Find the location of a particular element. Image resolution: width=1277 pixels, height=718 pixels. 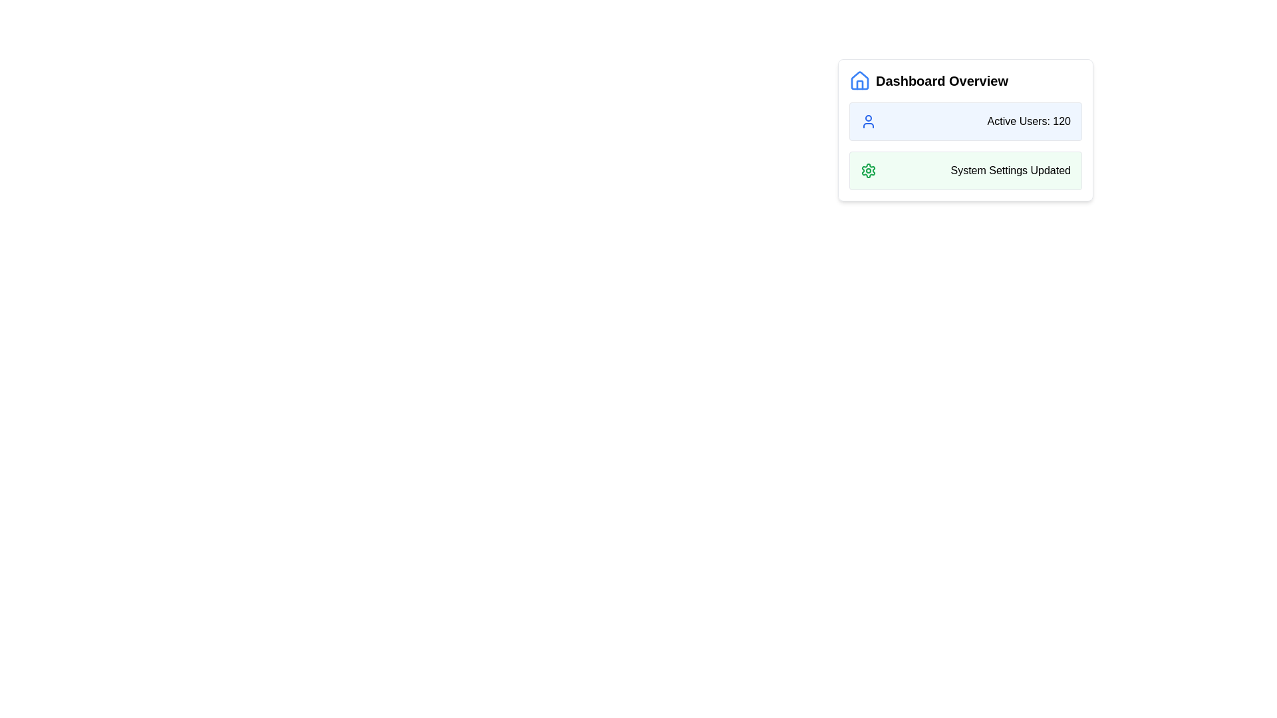

the 'Dashboard Overview' label, which is a prominent title next to a house icon, located in the upper portion of a card-like structure is located at coordinates (941, 81).